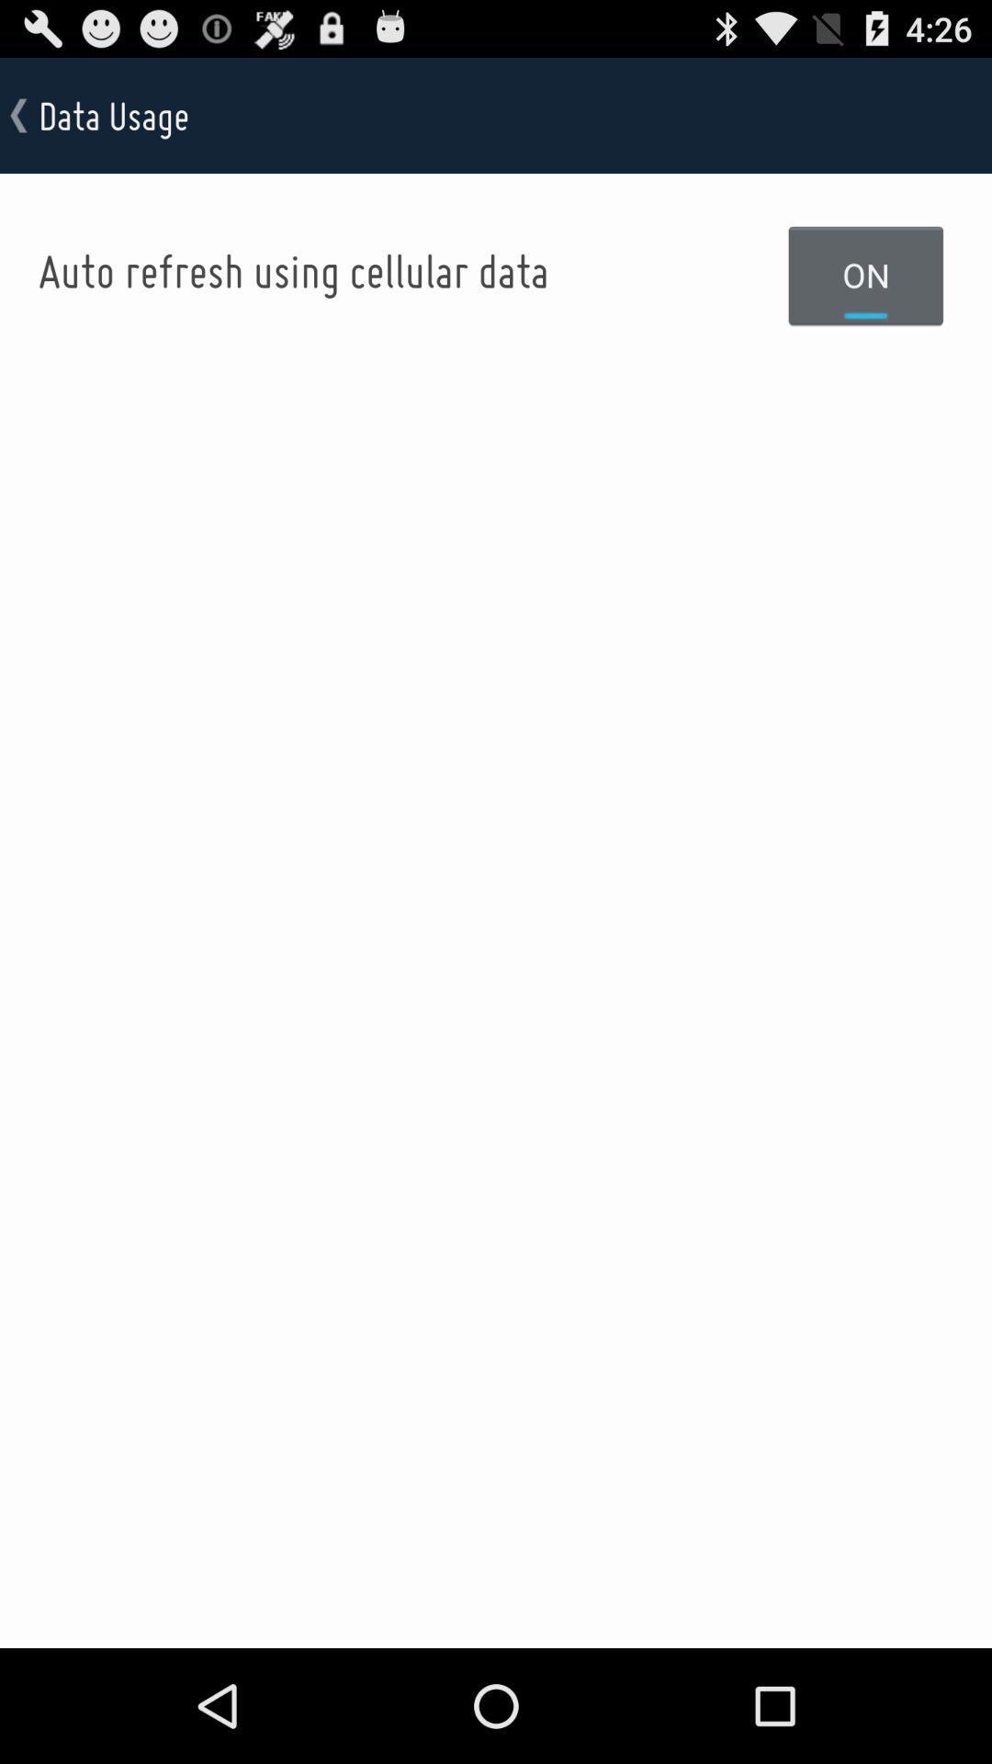 Image resolution: width=992 pixels, height=1764 pixels. I want to click on the on, so click(866, 274).